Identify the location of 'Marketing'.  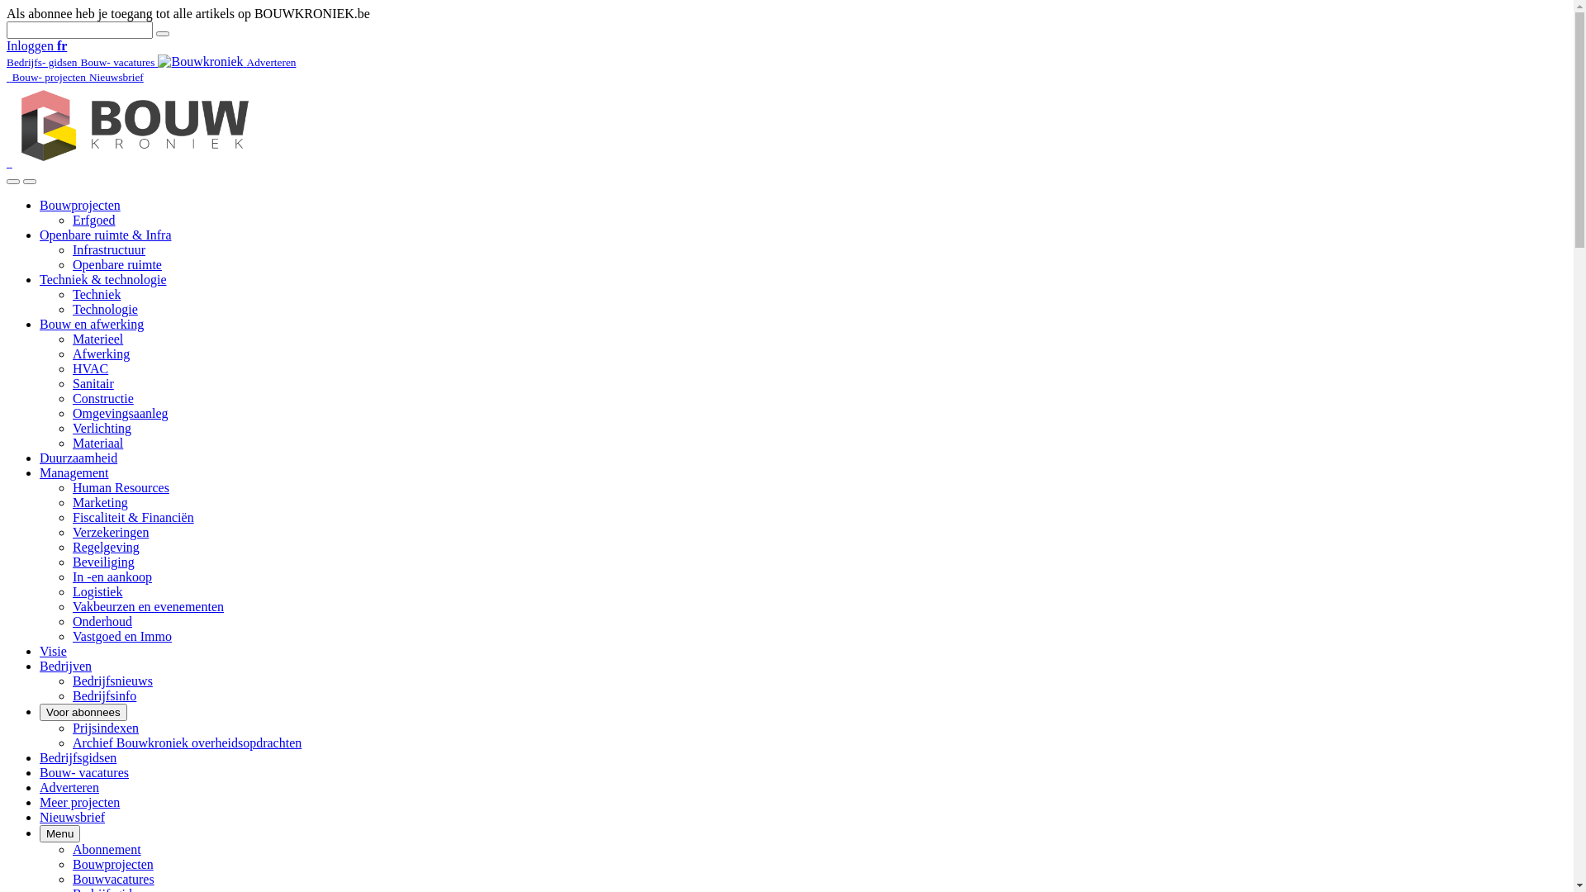
(99, 501).